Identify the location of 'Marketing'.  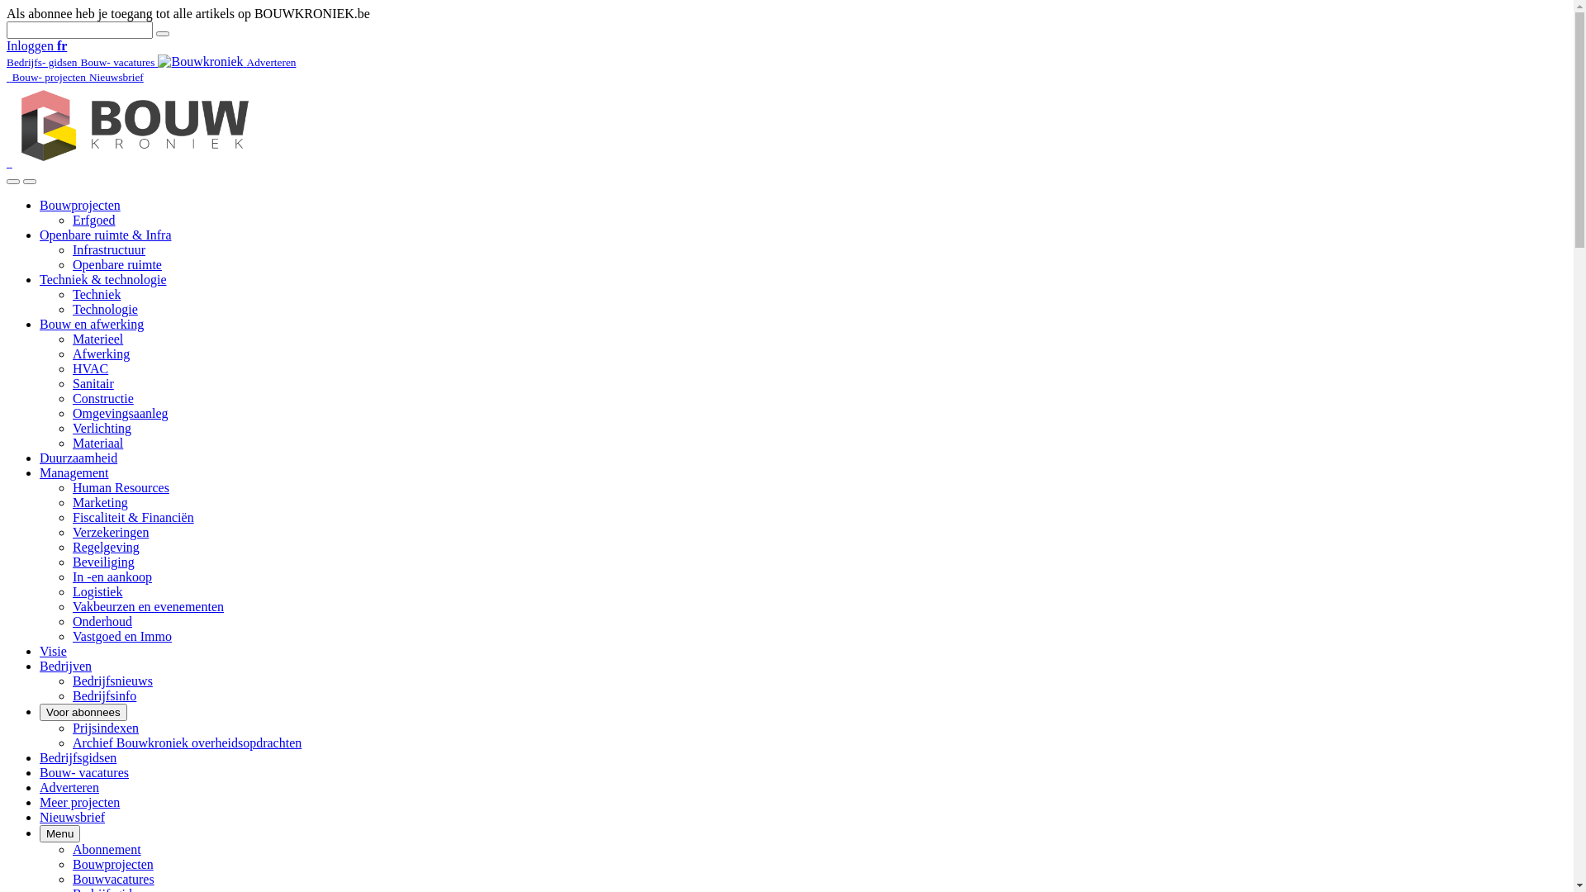
(99, 501).